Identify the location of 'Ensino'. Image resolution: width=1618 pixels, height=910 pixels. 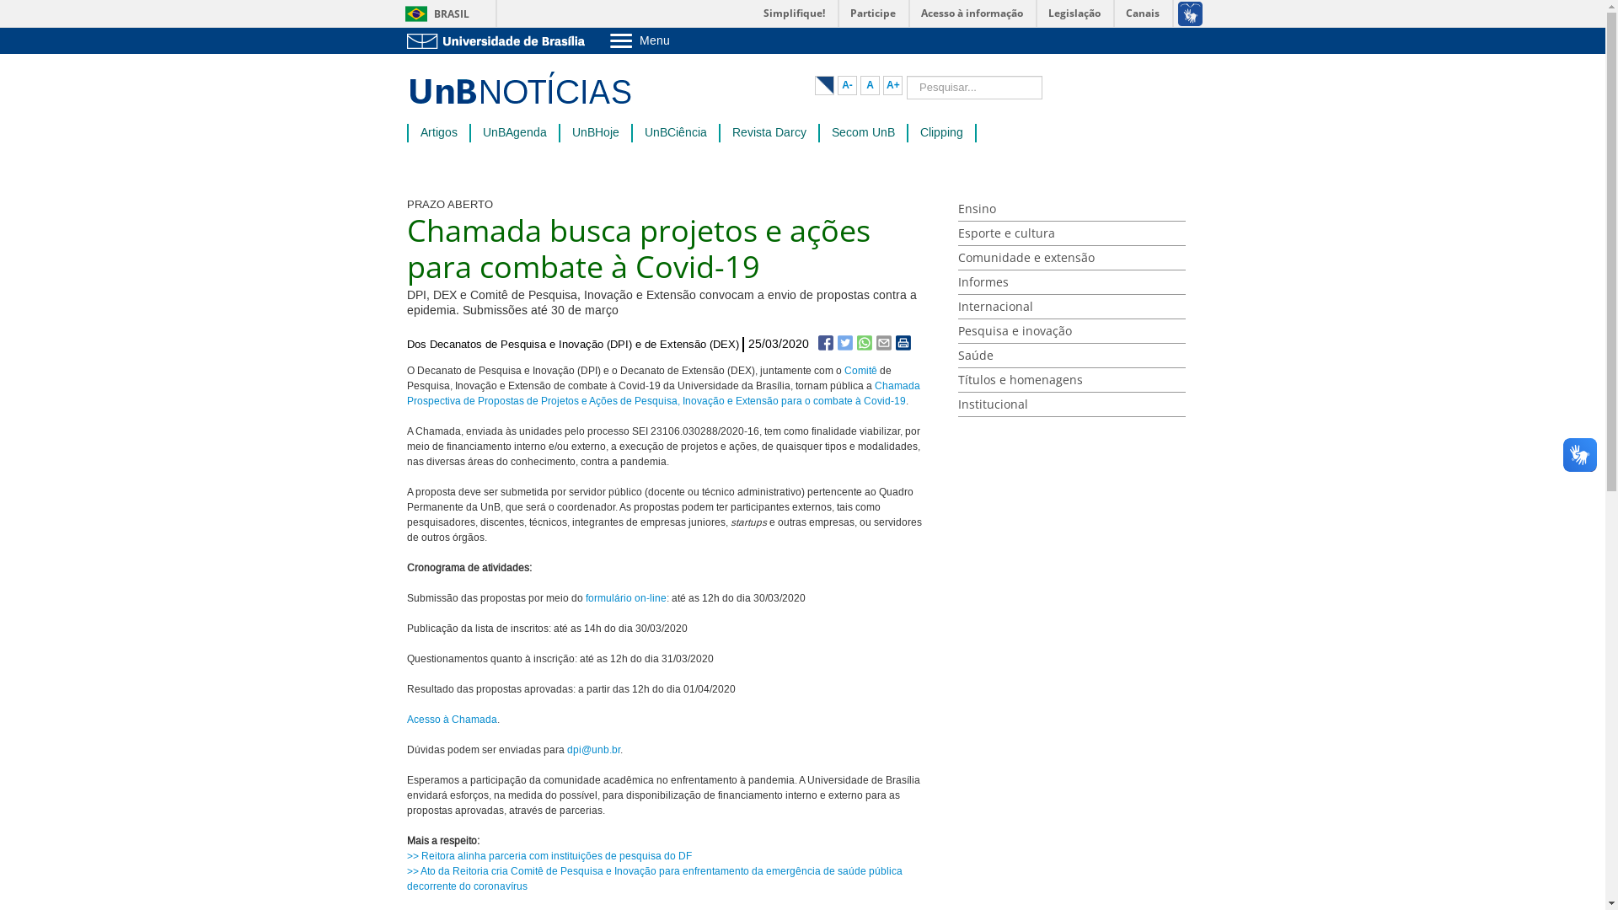
(1071, 208).